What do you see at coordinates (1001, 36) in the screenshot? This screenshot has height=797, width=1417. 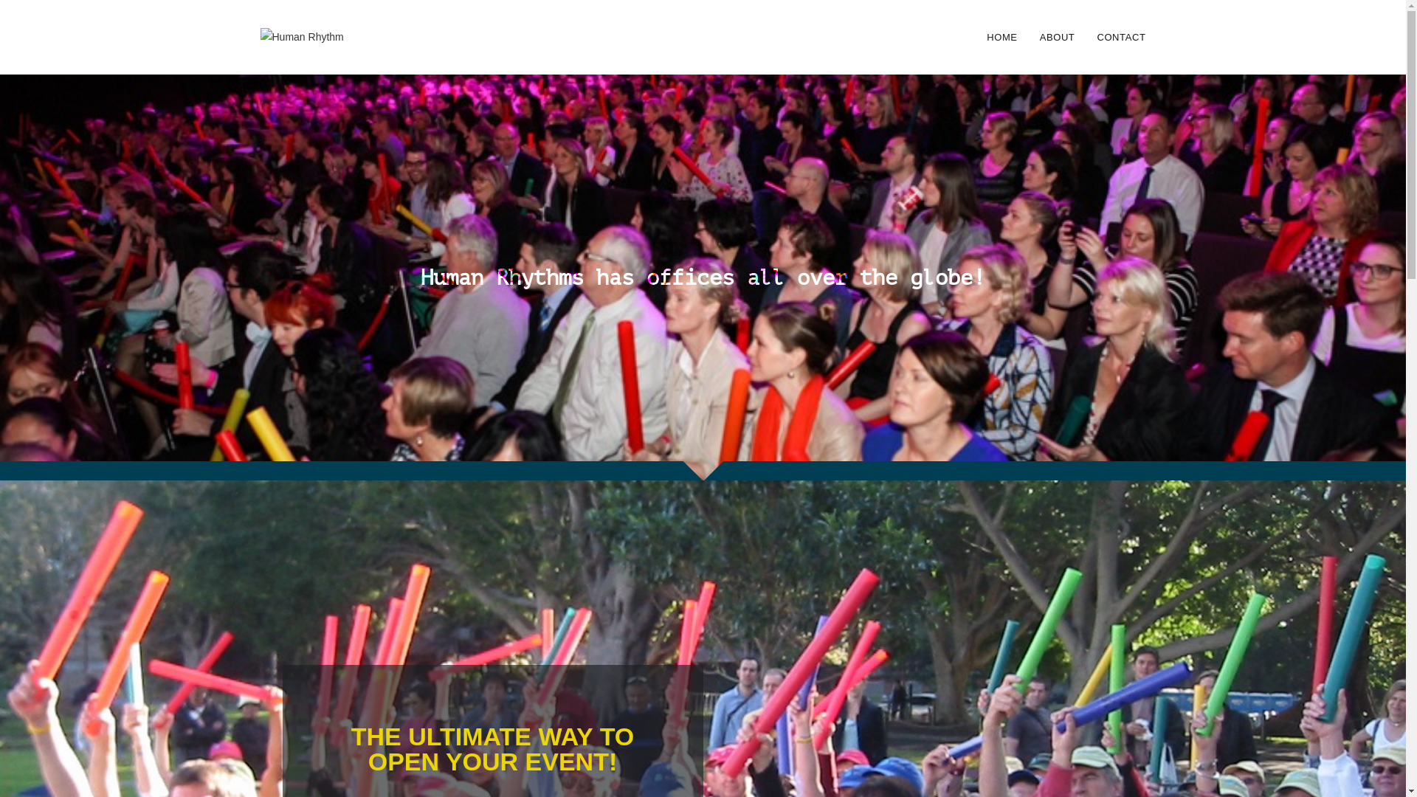 I see `'HOME'` at bounding box center [1001, 36].